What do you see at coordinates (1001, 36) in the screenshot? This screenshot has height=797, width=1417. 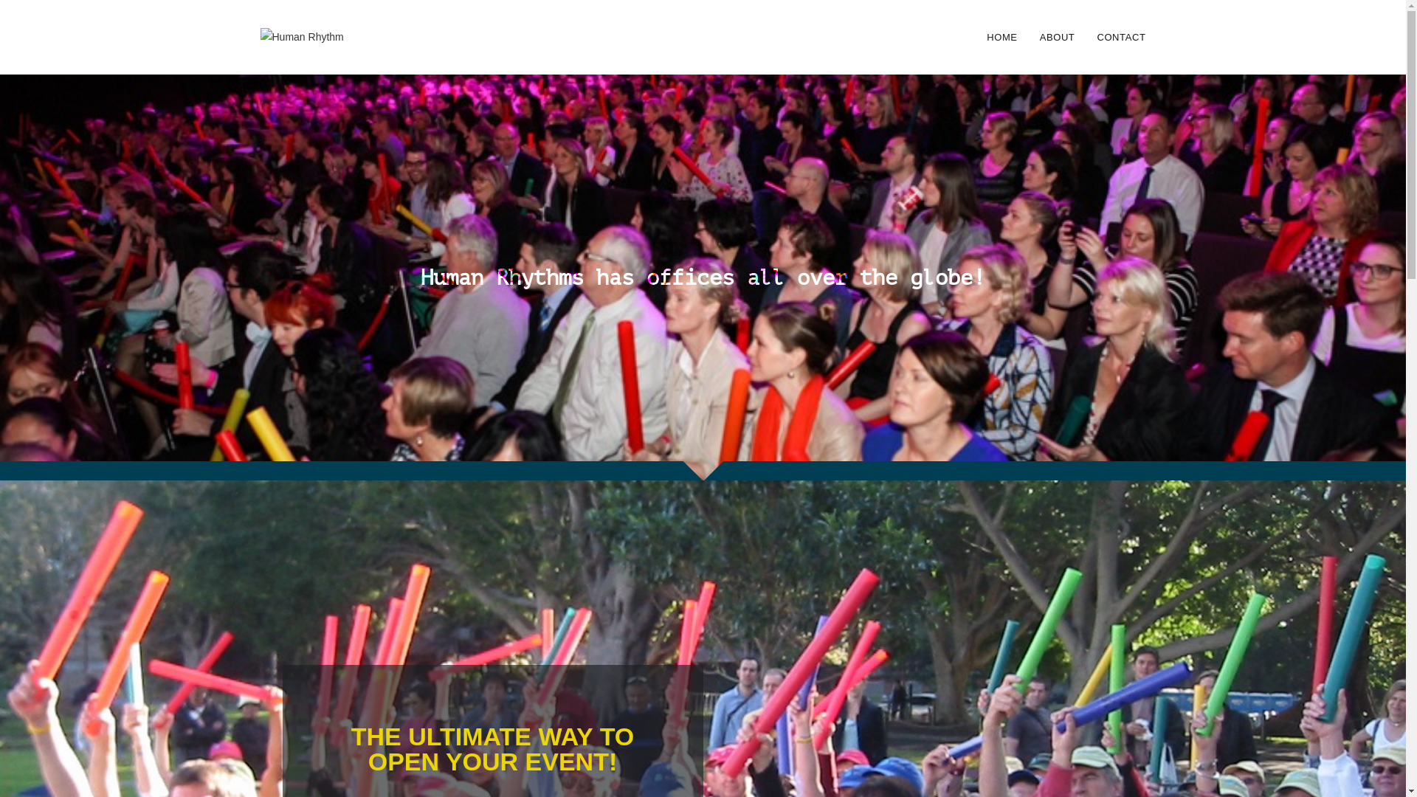 I see `'HOME'` at bounding box center [1001, 36].